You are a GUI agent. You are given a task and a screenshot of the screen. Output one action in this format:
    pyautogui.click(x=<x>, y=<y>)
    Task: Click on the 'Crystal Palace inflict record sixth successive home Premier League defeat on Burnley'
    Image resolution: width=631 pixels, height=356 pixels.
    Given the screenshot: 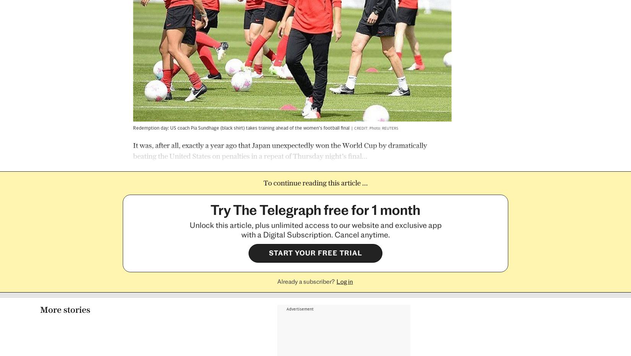 What is the action you would take?
    pyautogui.click(x=265, y=271)
    